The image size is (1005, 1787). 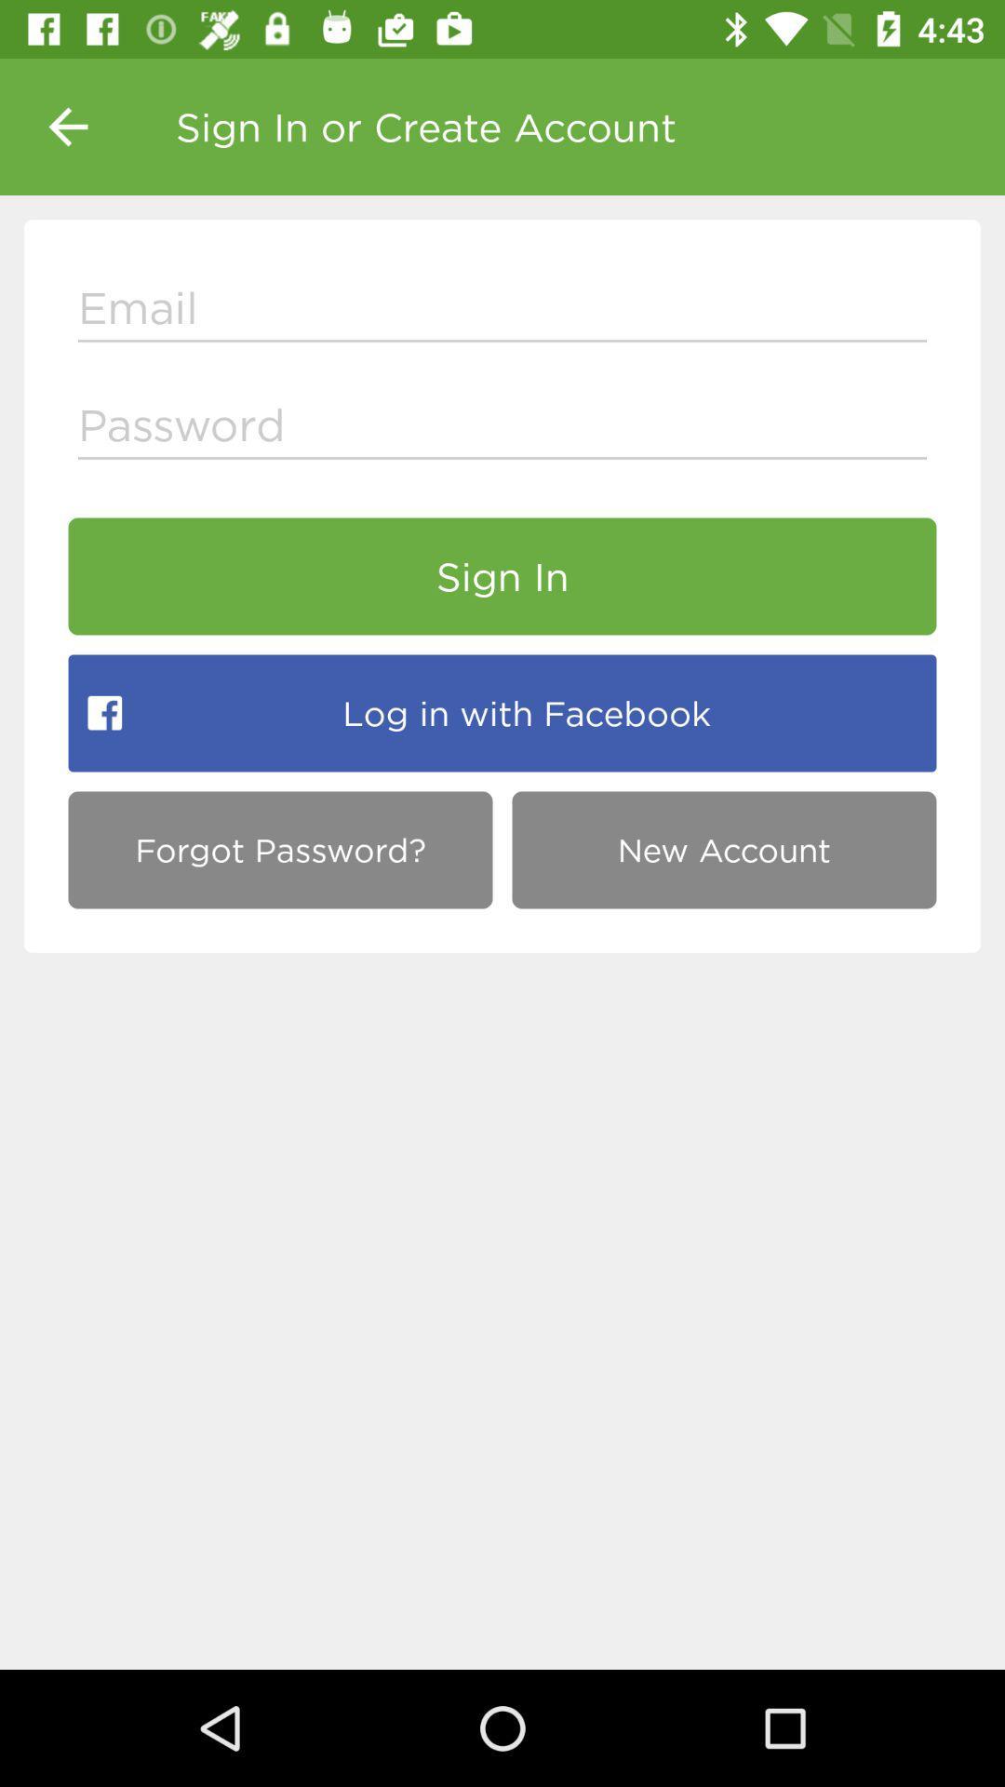 What do you see at coordinates (502, 428) in the screenshot?
I see `user password` at bounding box center [502, 428].